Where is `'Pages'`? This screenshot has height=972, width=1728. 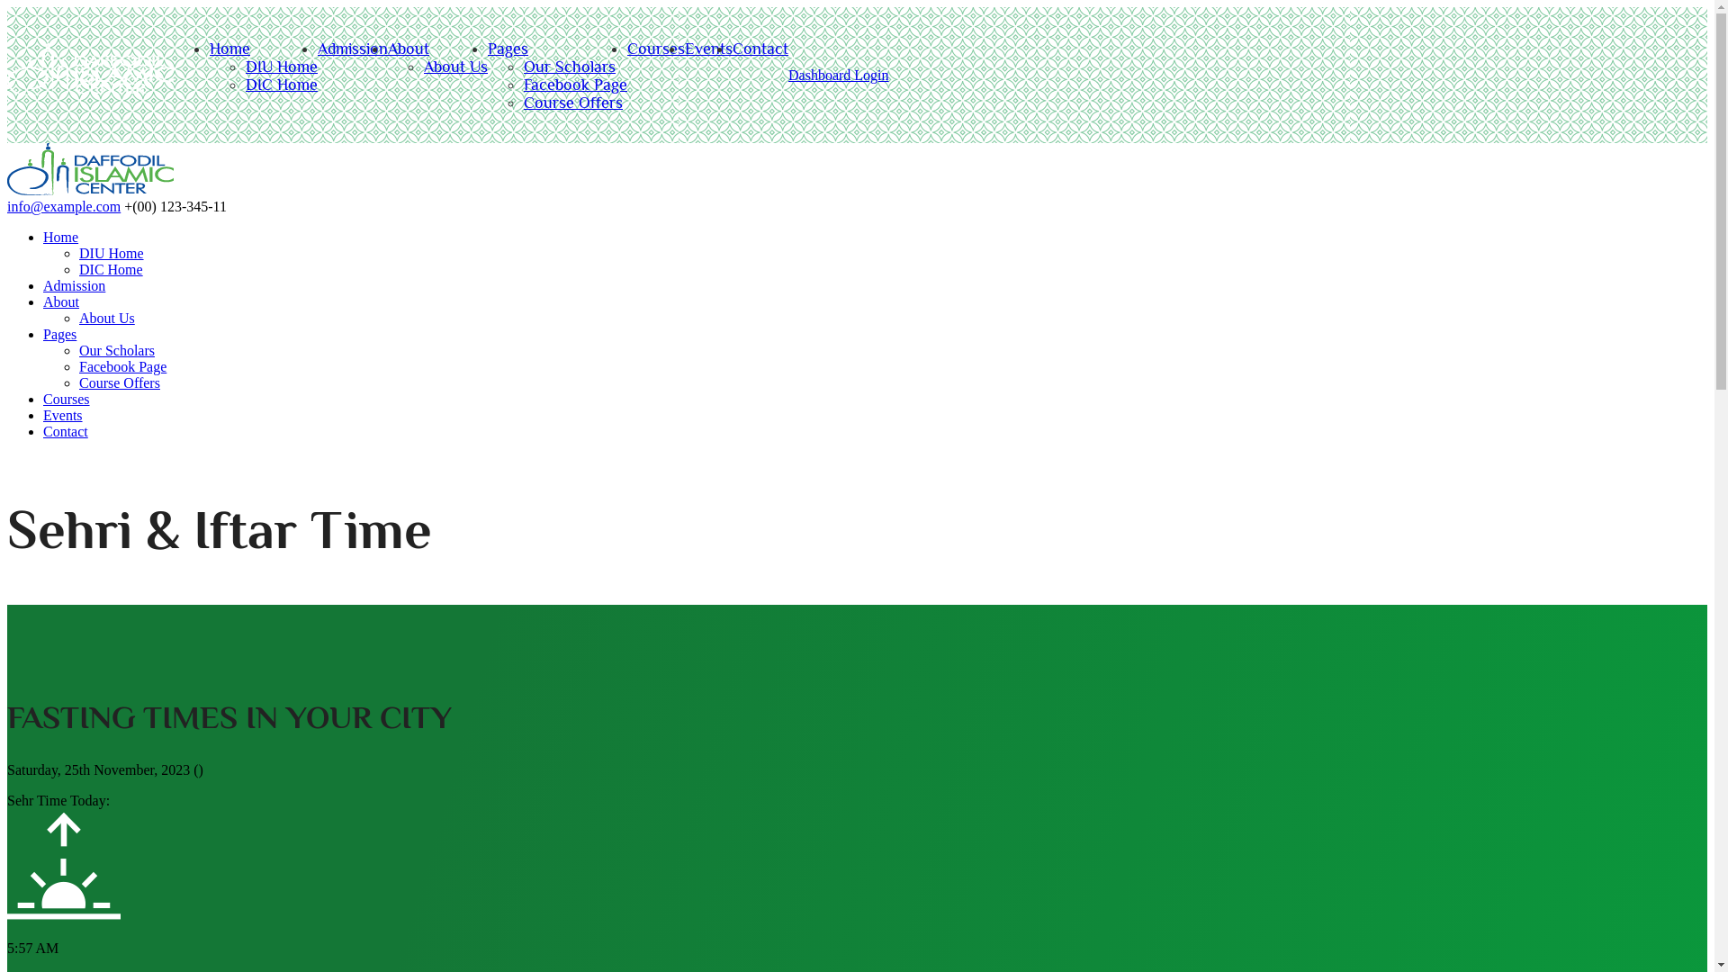 'Pages' is located at coordinates (507, 48).